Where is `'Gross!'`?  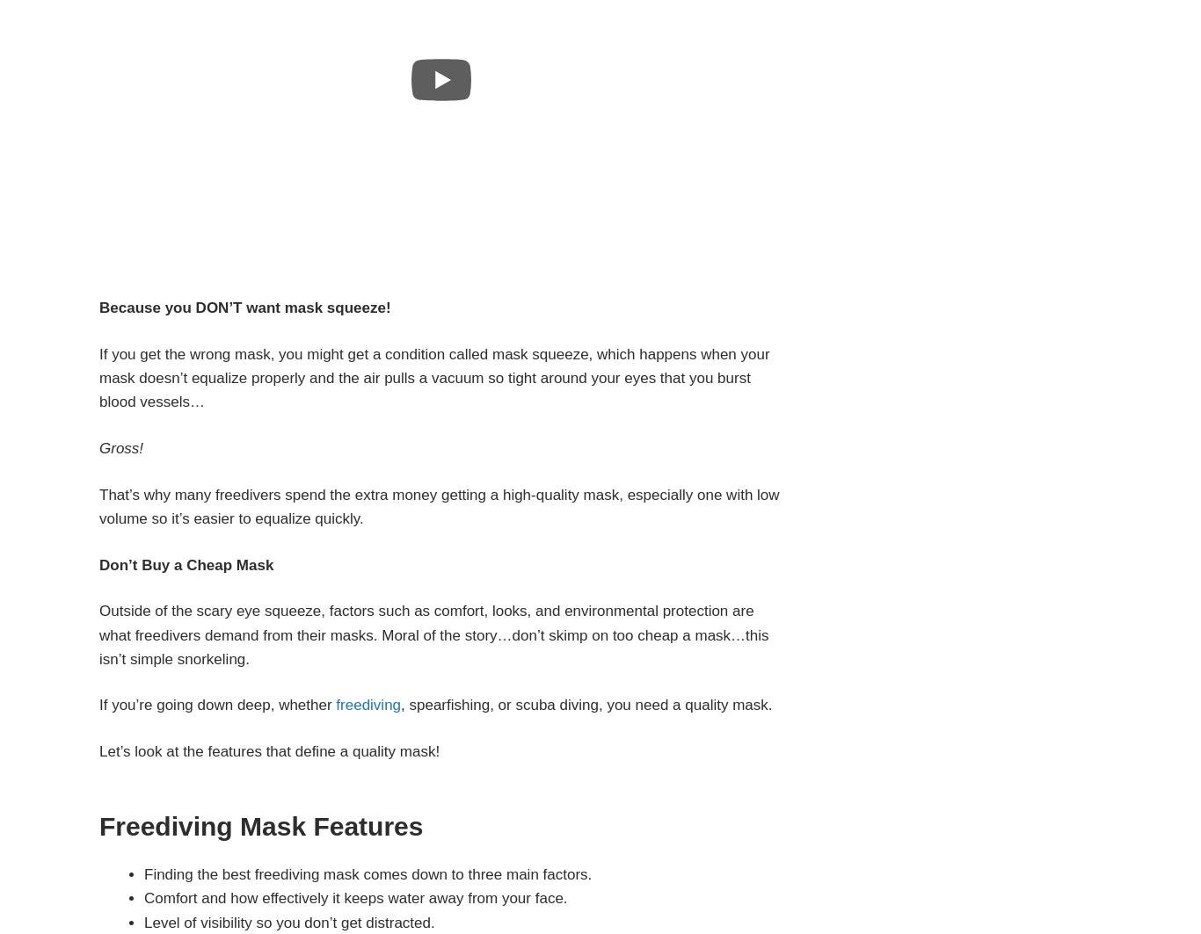
'Gross!' is located at coordinates (98, 448).